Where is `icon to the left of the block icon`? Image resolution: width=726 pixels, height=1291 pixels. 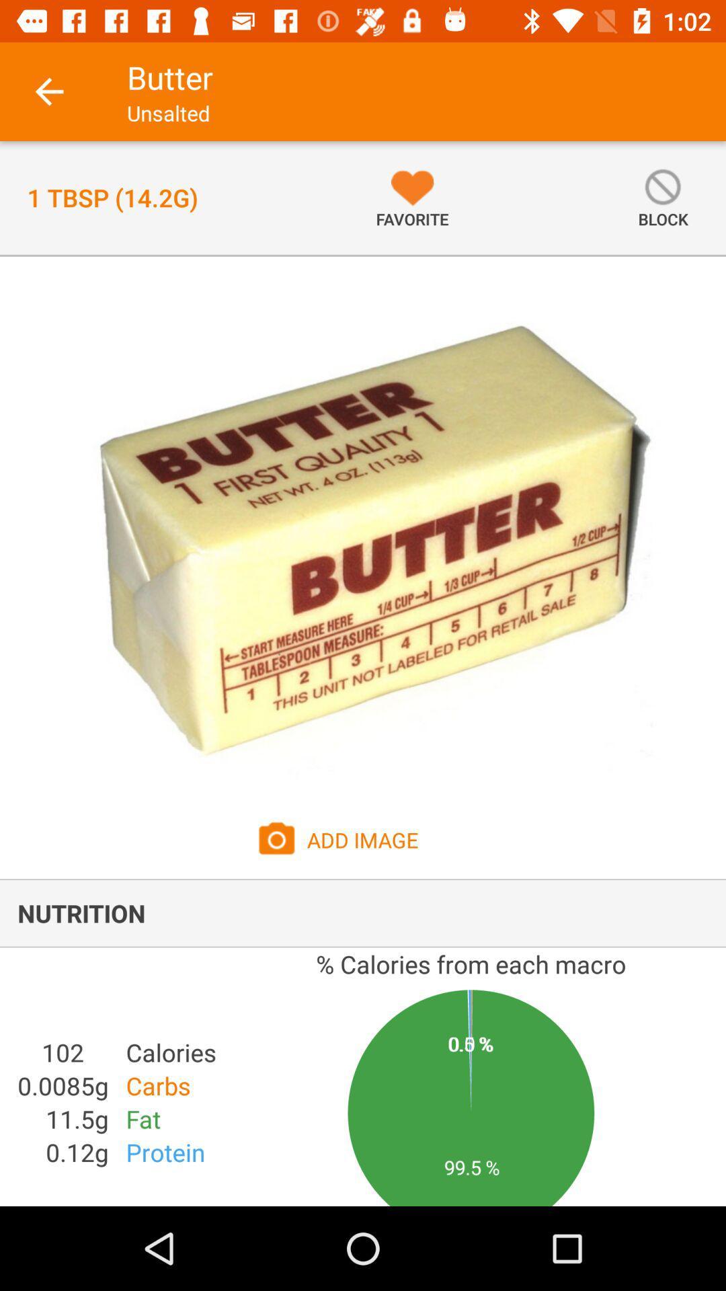 icon to the left of the block icon is located at coordinates (411, 197).